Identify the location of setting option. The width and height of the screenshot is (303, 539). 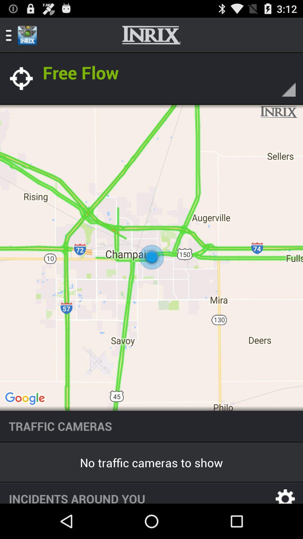
(285, 493).